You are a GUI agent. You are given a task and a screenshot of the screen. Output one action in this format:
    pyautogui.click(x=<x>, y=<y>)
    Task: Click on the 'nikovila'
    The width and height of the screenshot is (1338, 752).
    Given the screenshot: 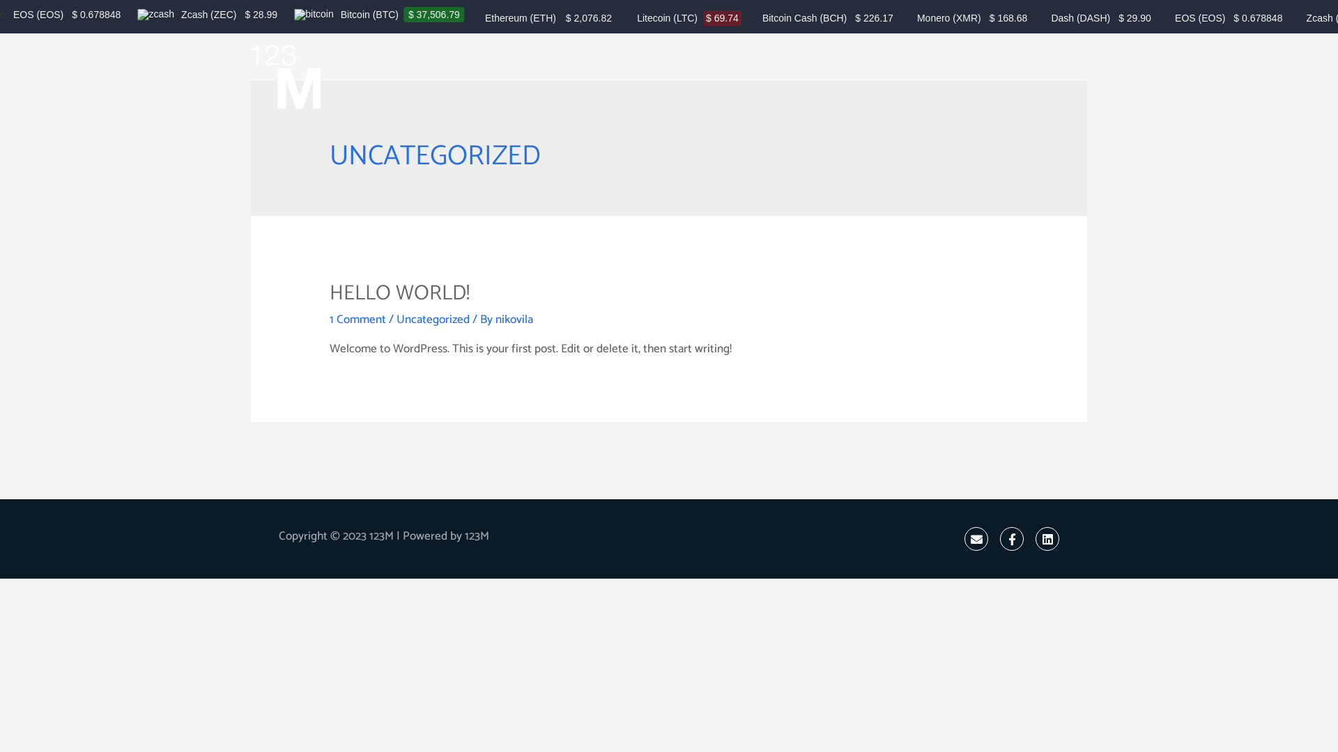 What is the action you would take?
    pyautogui.click(x=514, y=320)
    